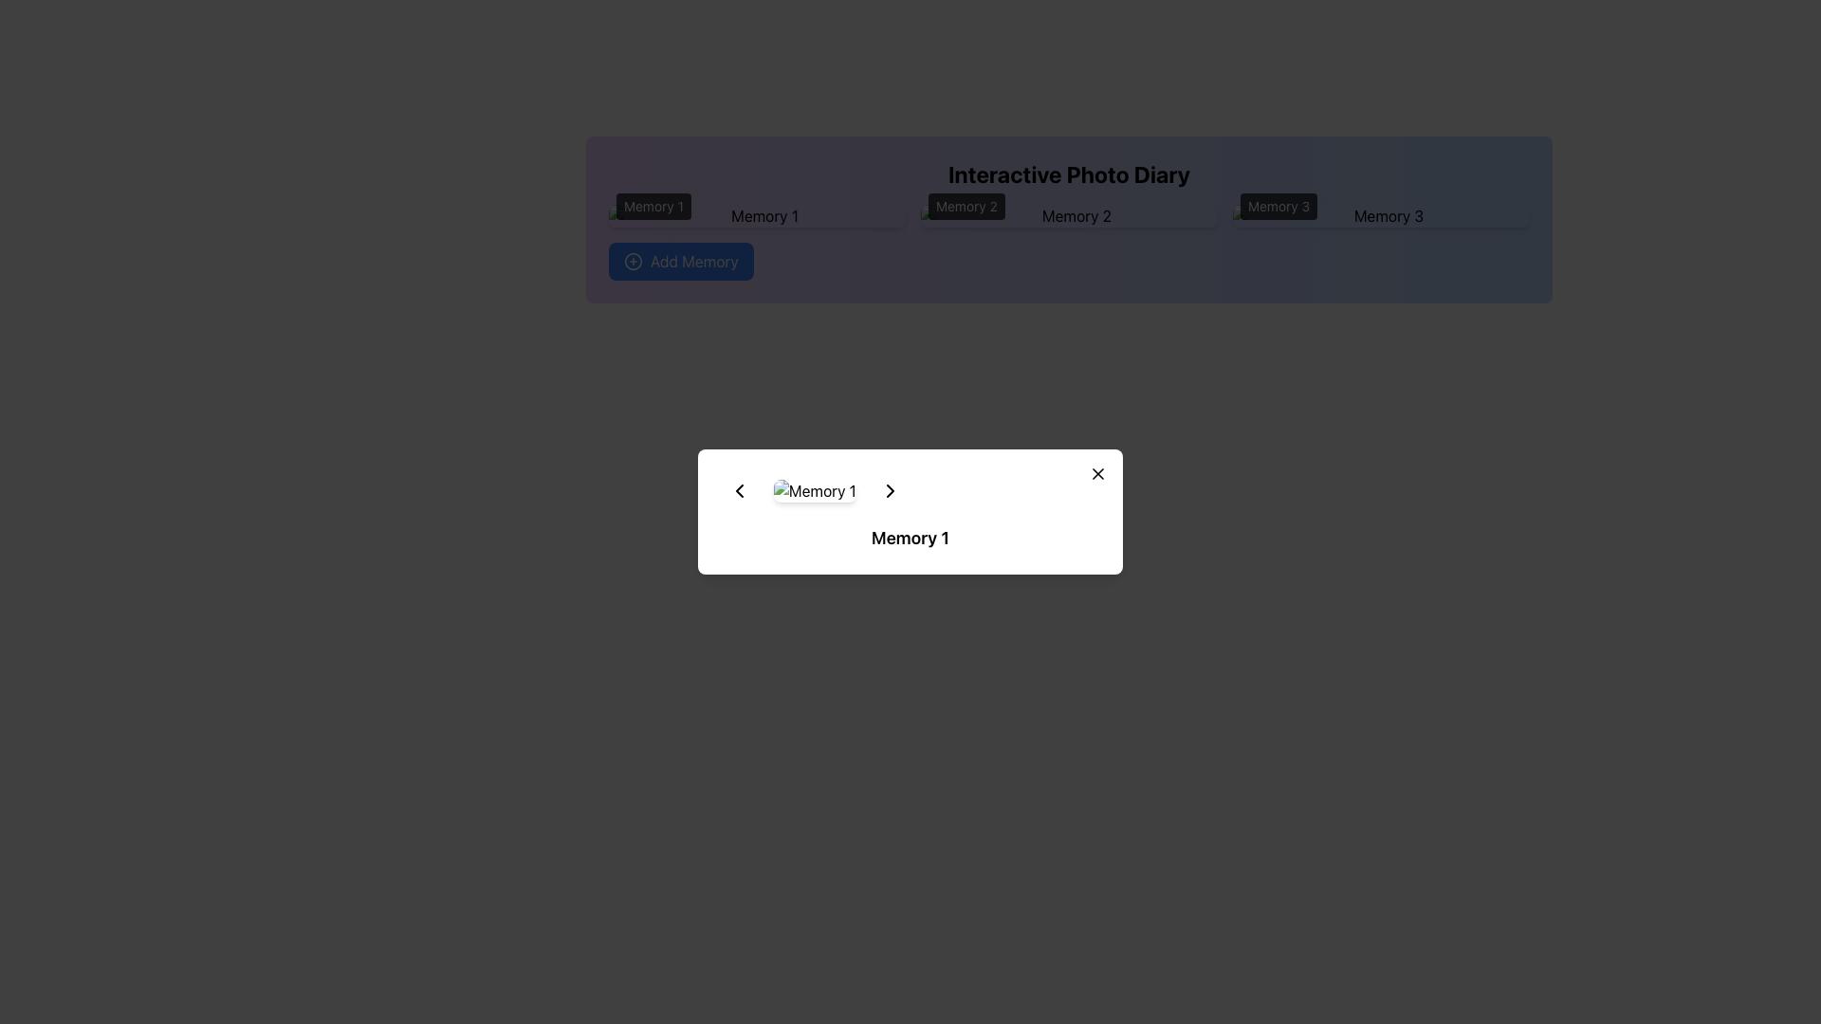 This screenshot has height=1024, width=1821. Describe the element at coordinates (889, 489) in the screenshot. I see `the chevron icon located in the header section of the modal, adjacent to the 'Memory 1' label` at that location.